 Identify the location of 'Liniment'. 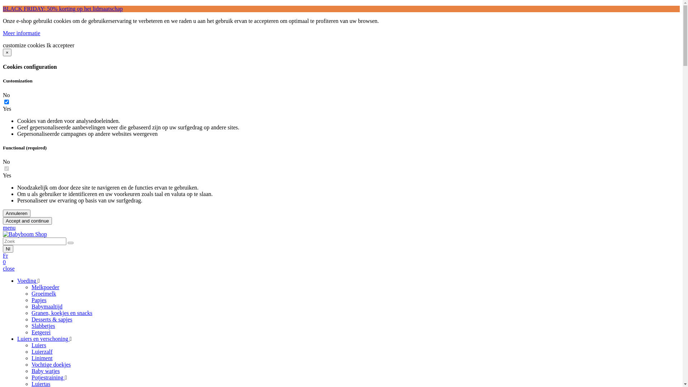
(42, 358).